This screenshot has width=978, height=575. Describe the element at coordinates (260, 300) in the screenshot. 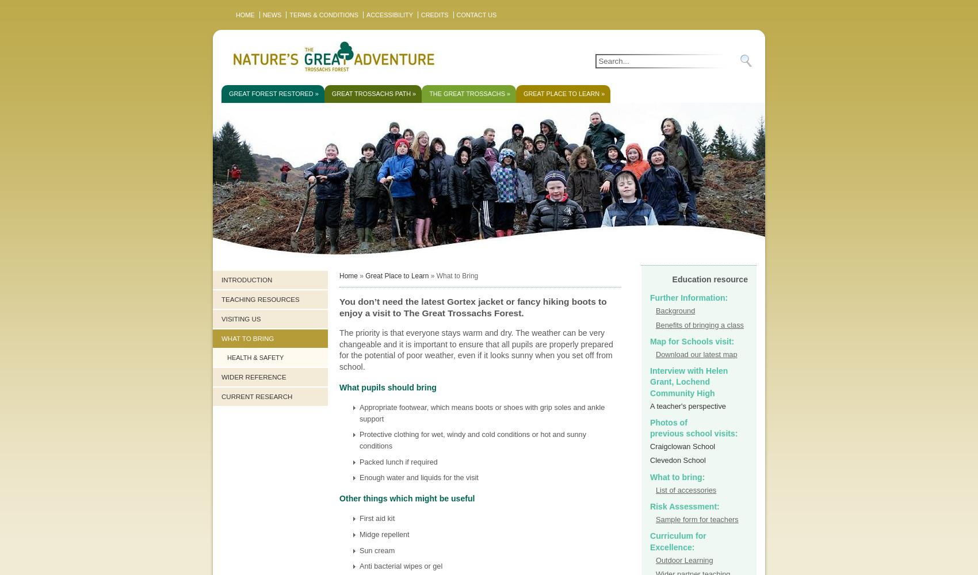

I see `'Teaching Resources'` at that location.